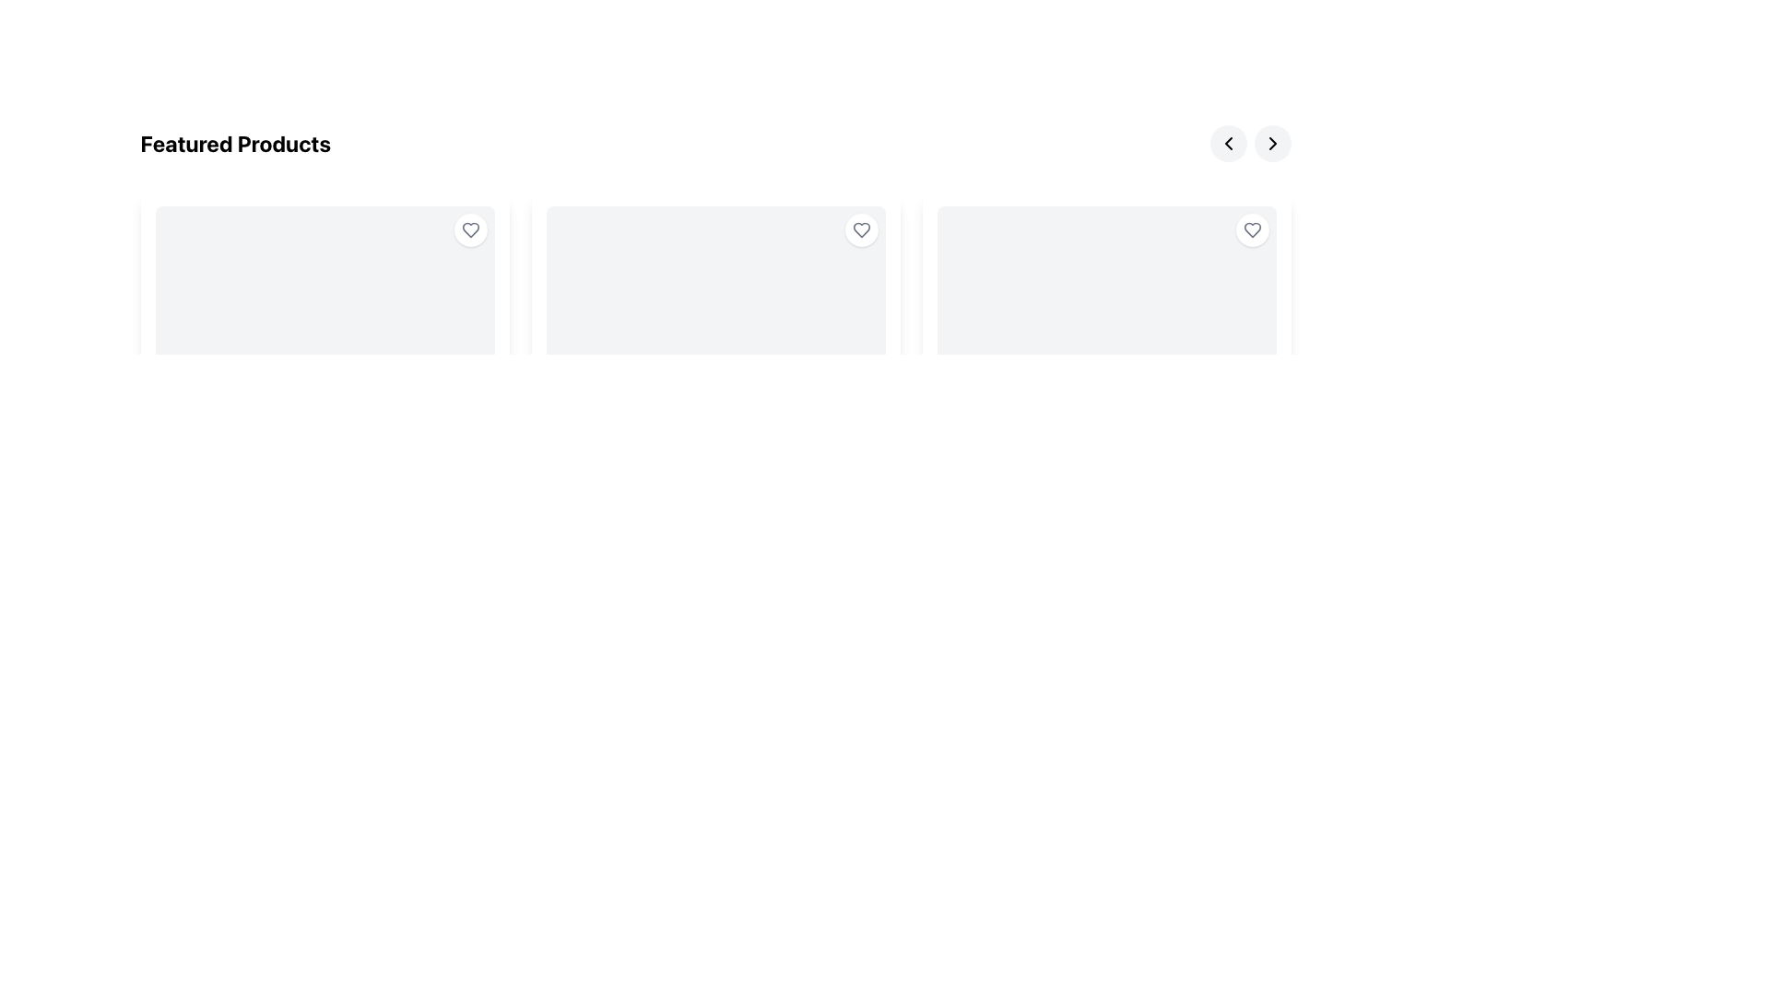 This screenshot has height=995, width=1770. Describe the element at coordinates (470, 229) in the screenshot. I see `the outlined heart icon button located at the top-right corner of the product card, which turns red when hovered` at that location.